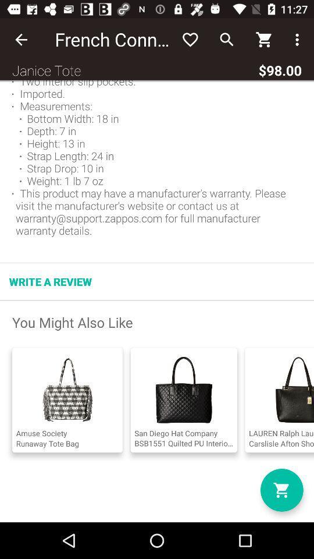  I want to click on item to the left of the french connection item, so click(21, 40).